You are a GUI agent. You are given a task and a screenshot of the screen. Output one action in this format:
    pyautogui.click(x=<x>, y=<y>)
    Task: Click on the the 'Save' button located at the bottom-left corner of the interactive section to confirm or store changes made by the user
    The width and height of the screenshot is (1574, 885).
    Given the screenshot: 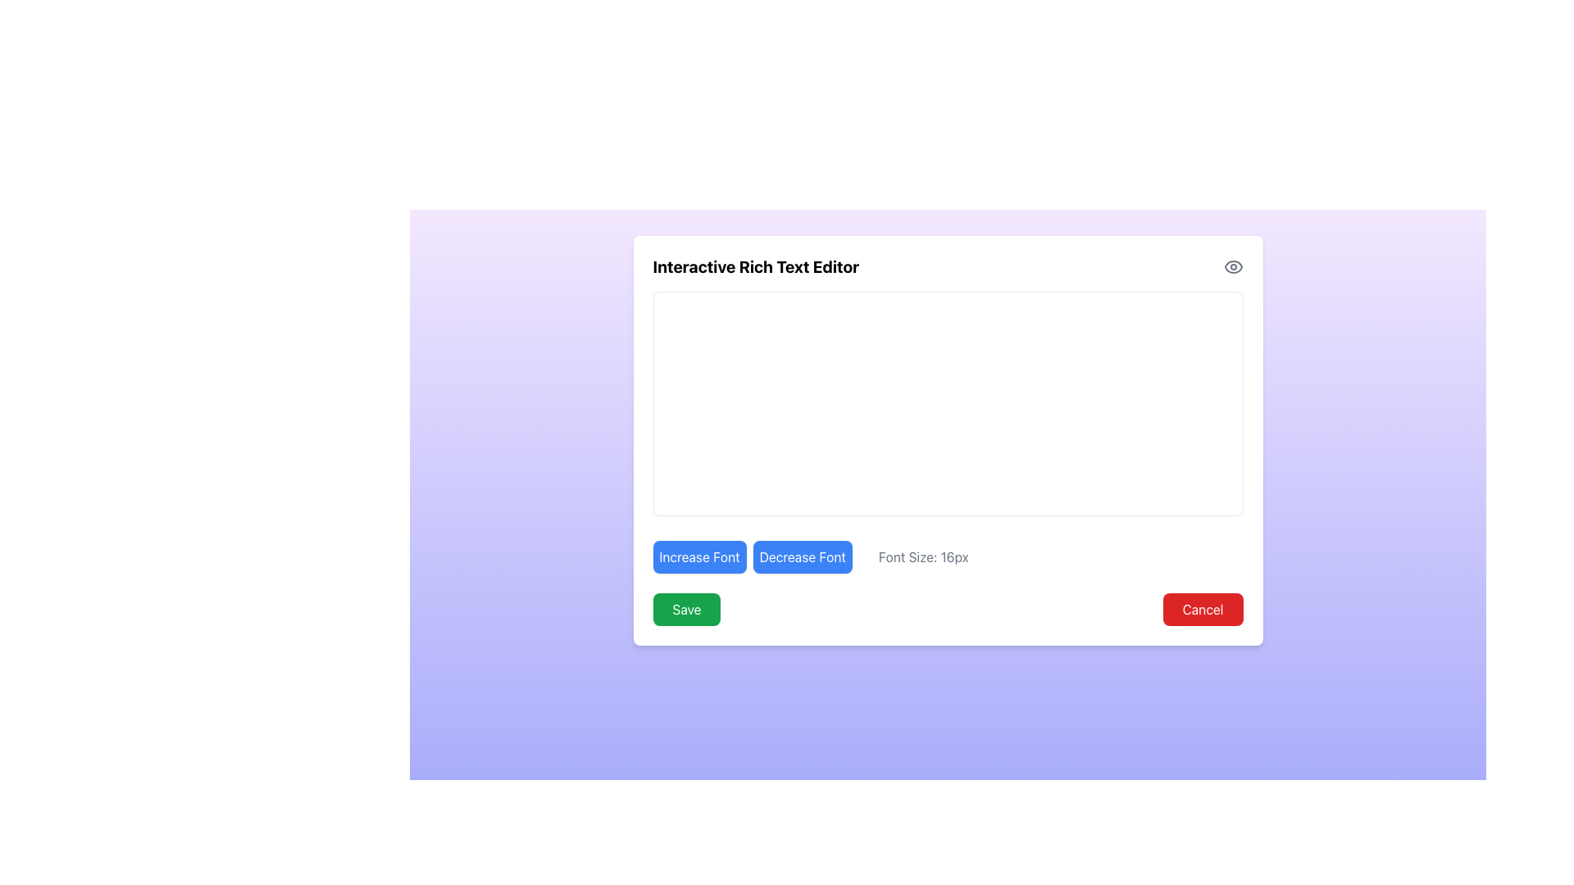 What is the action you would take?
    pyautogui.click(x=686, y=610)
    